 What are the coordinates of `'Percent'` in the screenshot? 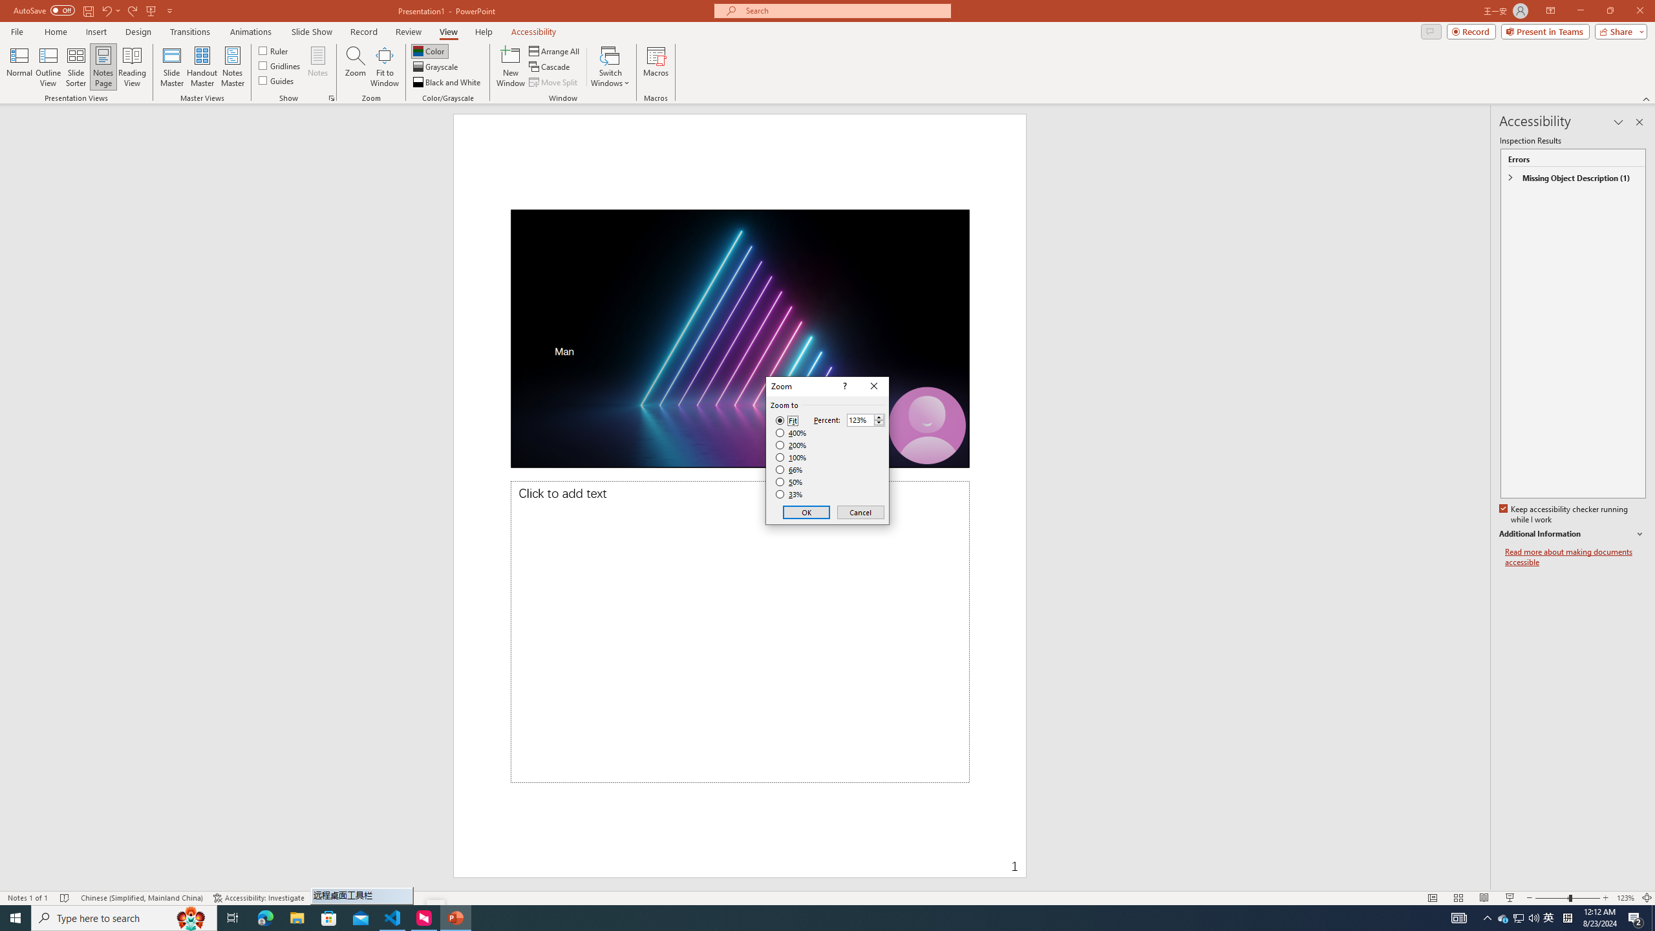 It's located at (860, 420).